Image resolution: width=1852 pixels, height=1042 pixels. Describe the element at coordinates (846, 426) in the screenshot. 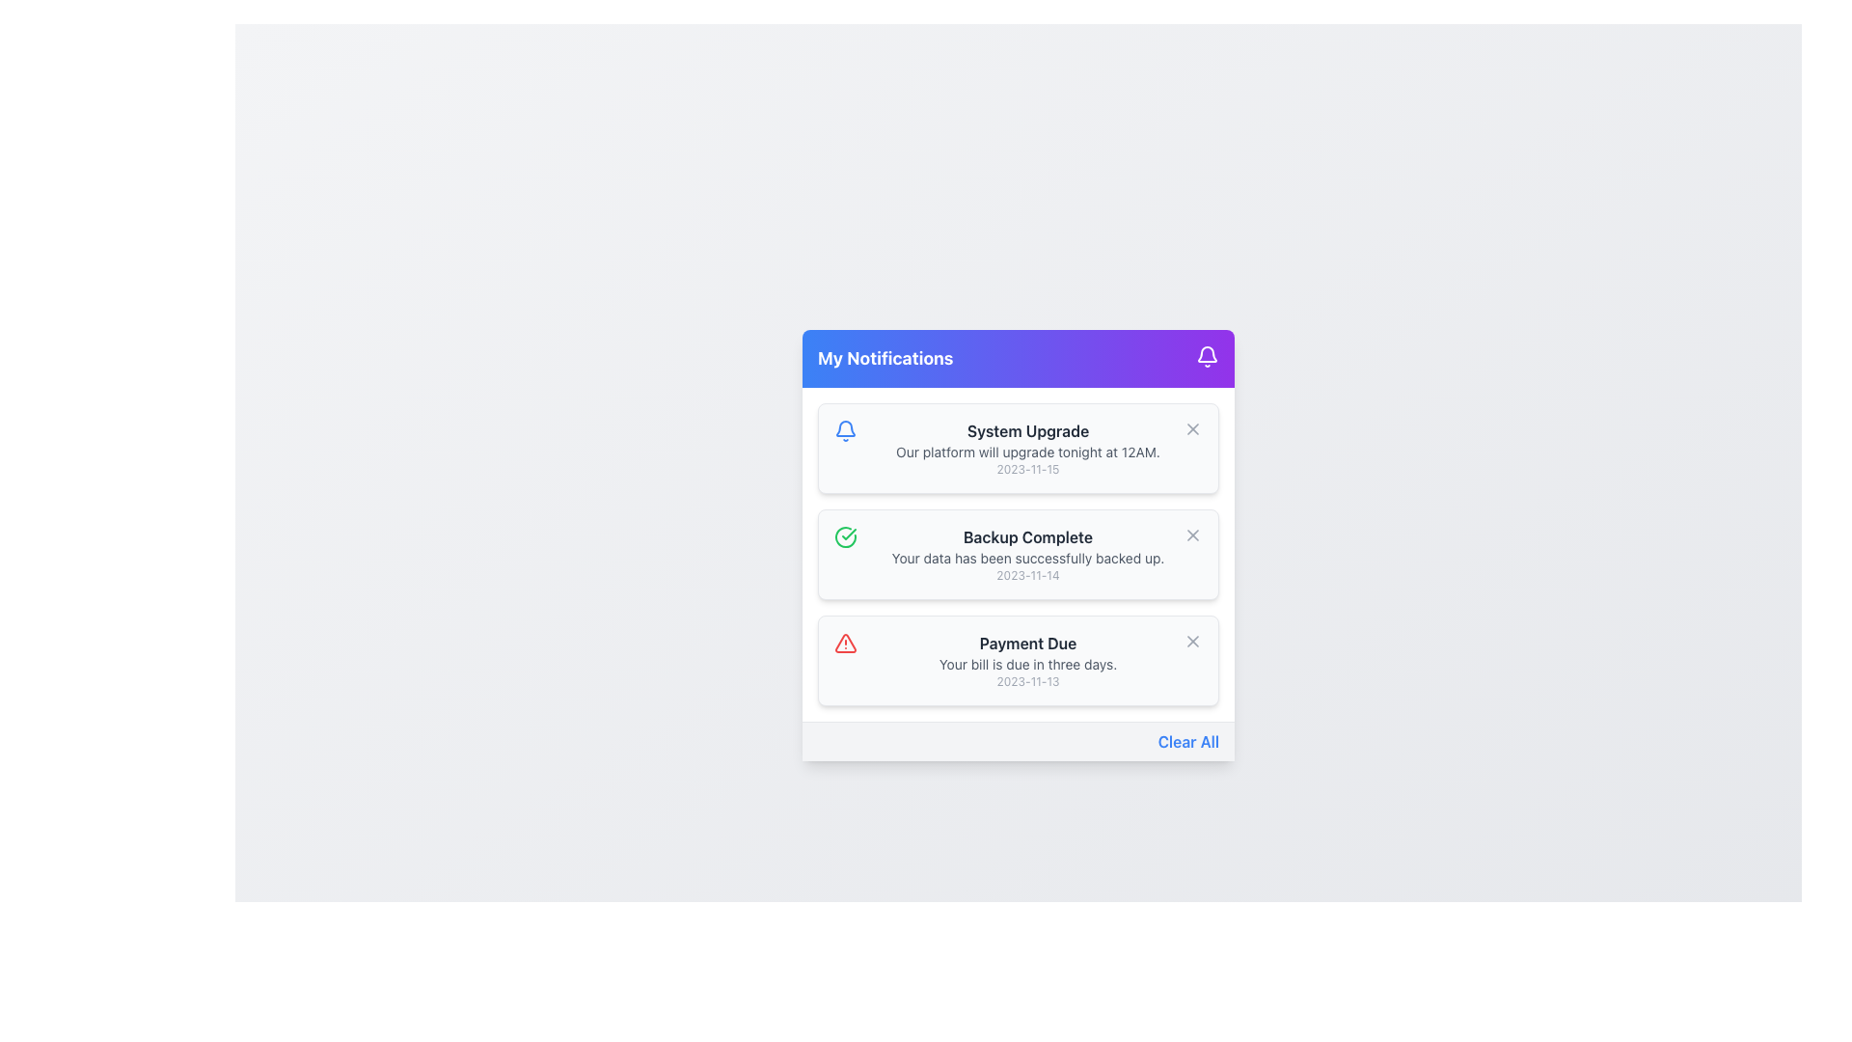

I see `the lower component of the blue bell icon located at the top-right corner of the notification header bar` at that location.